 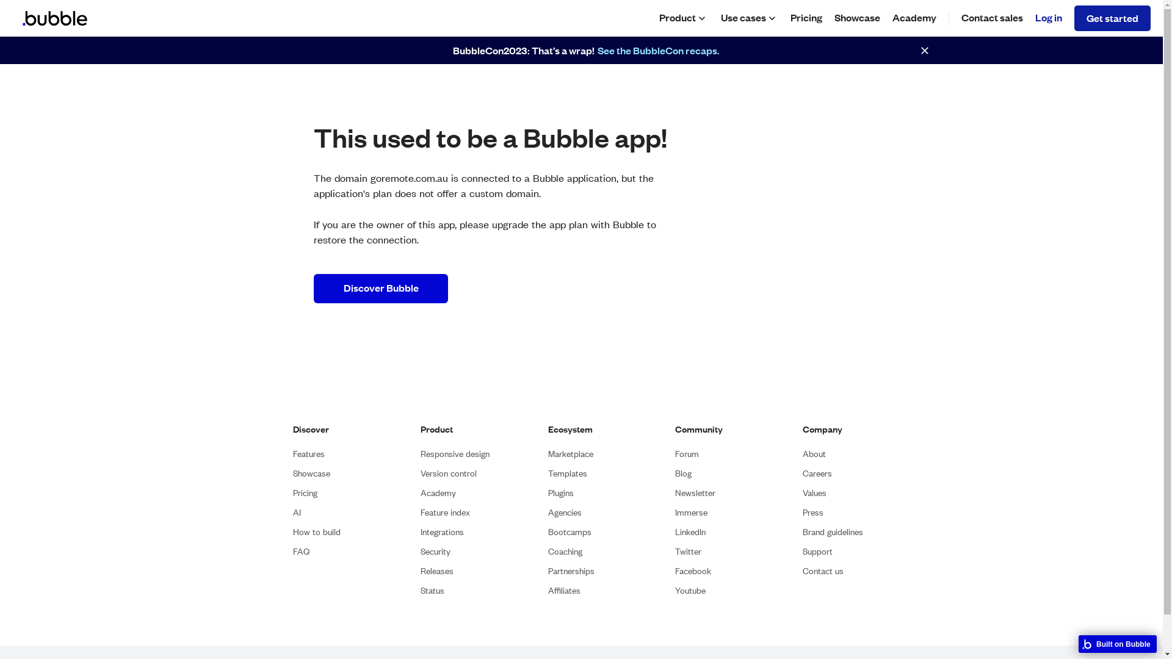 I want to click on 'Pricing', so click(x=806, y=18).